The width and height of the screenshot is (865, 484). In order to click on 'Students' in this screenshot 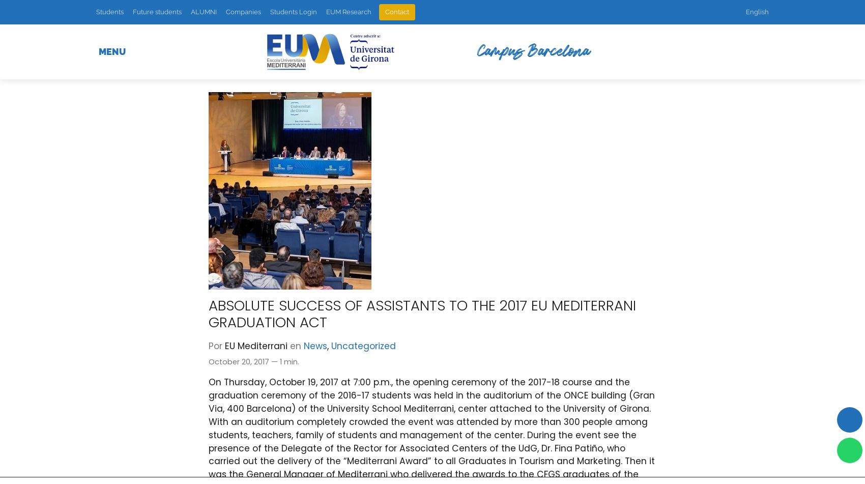, I will do `click(96, 12)`.